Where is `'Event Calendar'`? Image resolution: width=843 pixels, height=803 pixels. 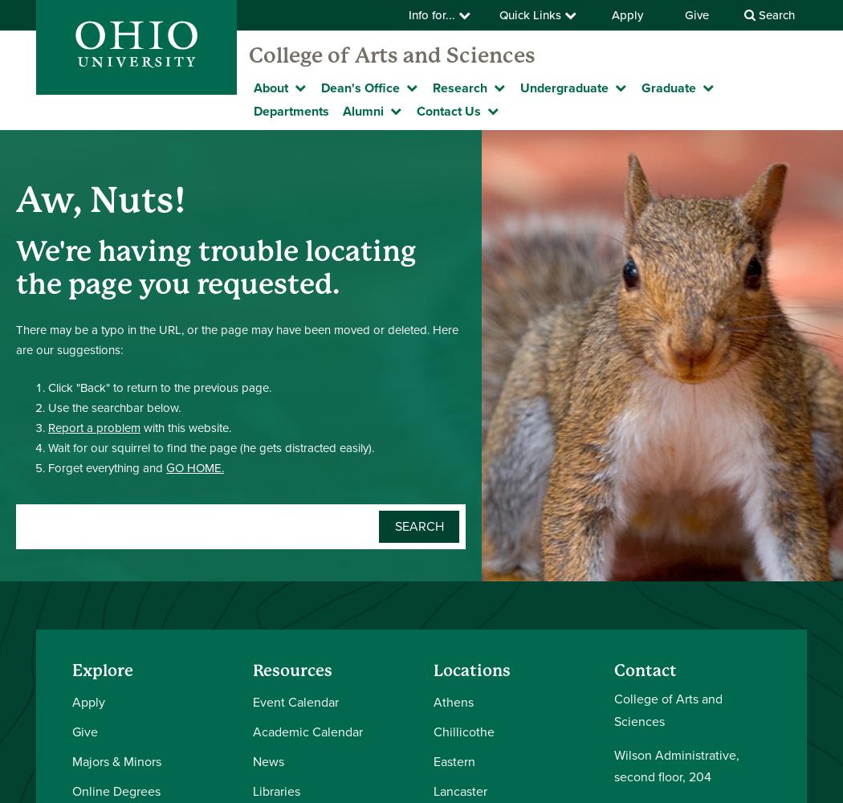
'Event Calendar' is located at coordinates (295, 701).